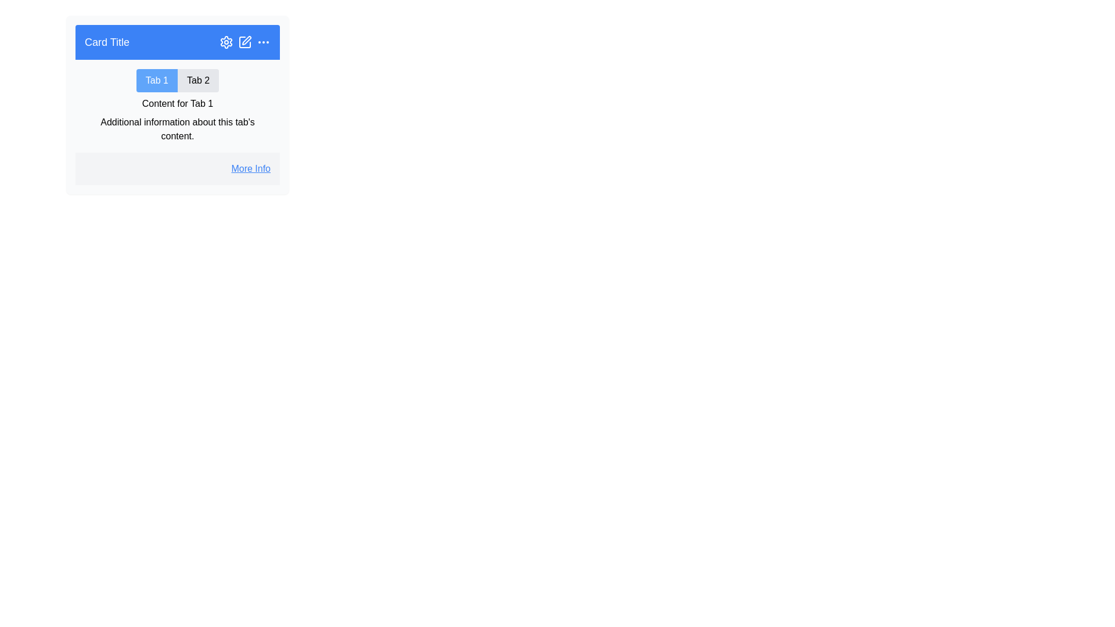  What do you see at coordinates (226, 42) in the screenshot?
I see `the stylized gear icon located in the top-right section of the blue header area` at bounding box center [226, 42].